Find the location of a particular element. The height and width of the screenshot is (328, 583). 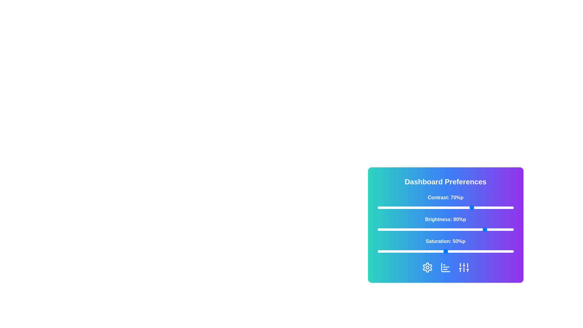

the 'Saturation' slider to 0% is located at coordinates (377, 251).